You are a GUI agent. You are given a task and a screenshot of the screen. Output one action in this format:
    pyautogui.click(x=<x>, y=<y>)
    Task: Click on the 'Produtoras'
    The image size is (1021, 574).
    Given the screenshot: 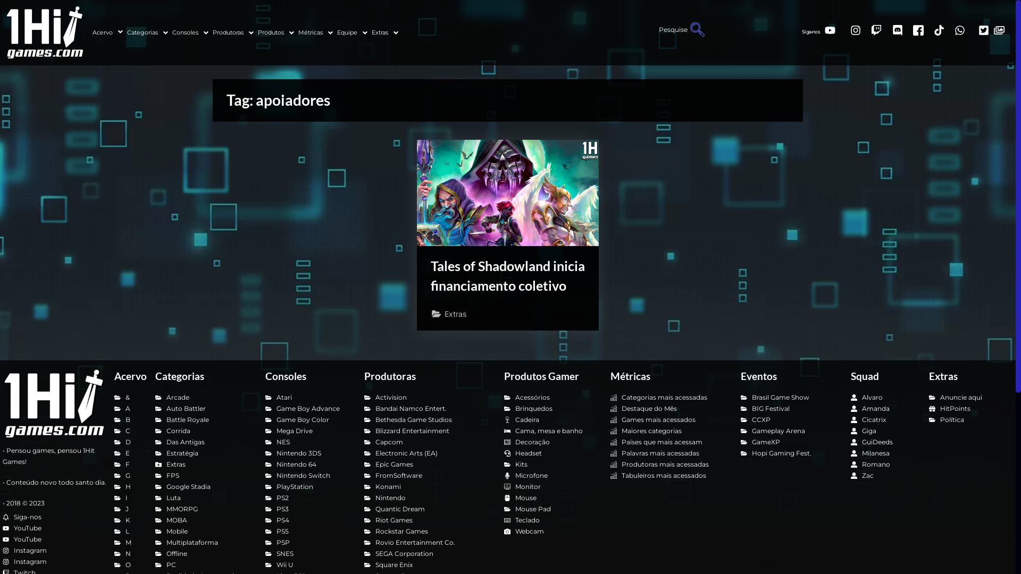 What is the action you would take?
    pyautogui.click(x=389, y=375)
    